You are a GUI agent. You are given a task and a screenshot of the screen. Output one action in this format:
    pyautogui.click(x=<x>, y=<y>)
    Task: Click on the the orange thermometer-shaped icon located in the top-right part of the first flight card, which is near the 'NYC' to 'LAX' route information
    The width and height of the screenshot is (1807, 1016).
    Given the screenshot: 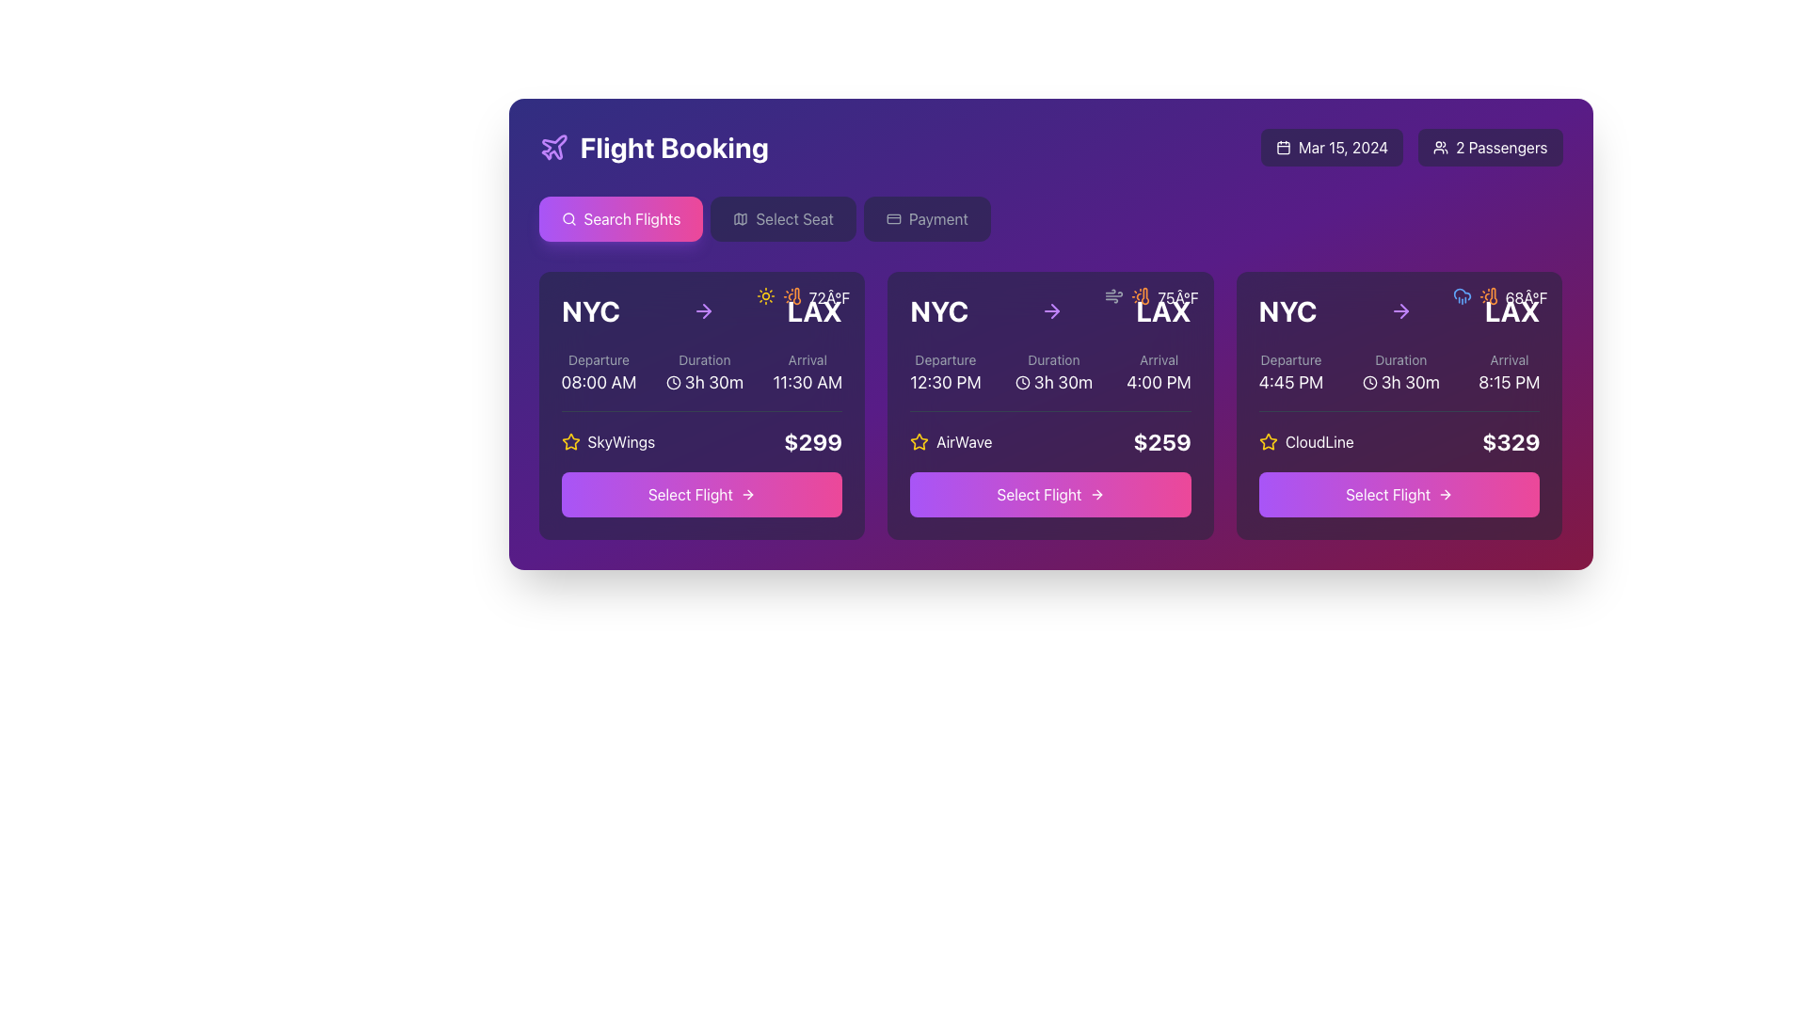 What is the action you would take?
    pyautogui.click(x=796, y=296)
    